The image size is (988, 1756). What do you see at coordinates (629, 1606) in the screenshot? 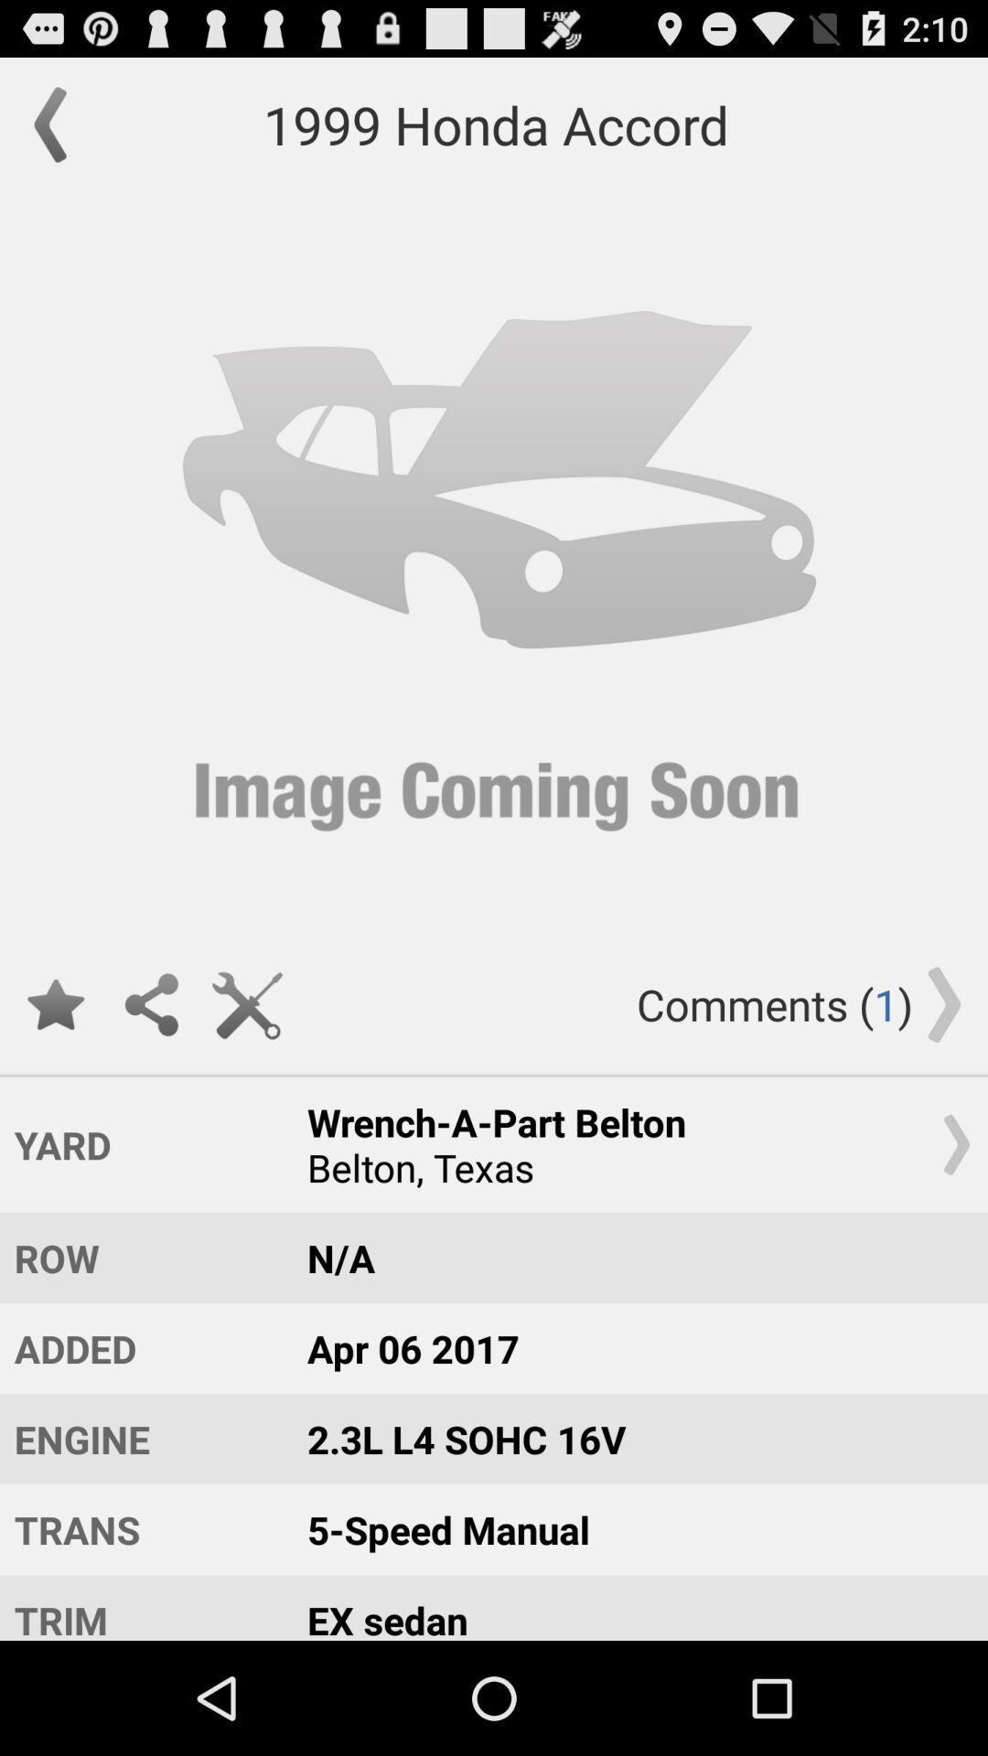
I see `icon next to the trans app` at bounding box center [629, 1606].